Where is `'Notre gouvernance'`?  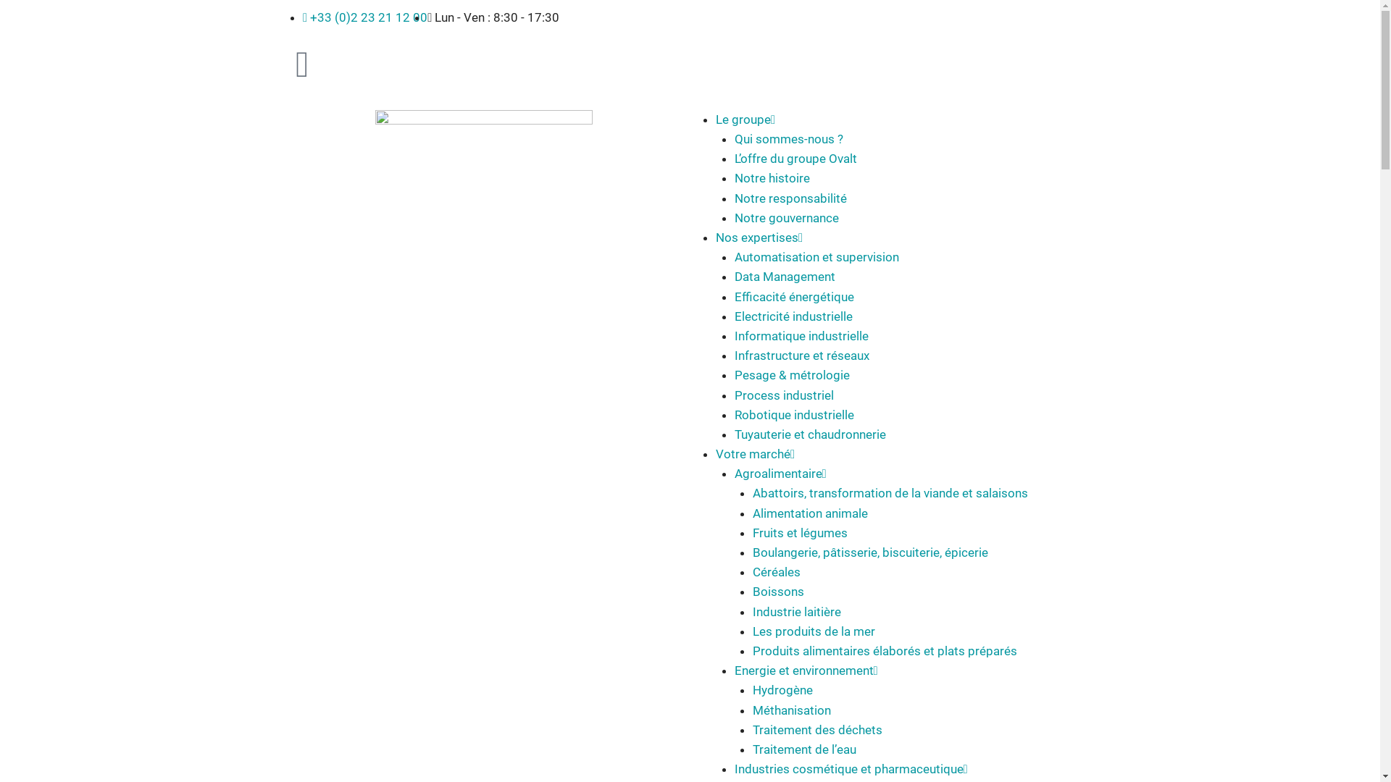
'Notre gouvernance' is located at coordinates (785, 217).